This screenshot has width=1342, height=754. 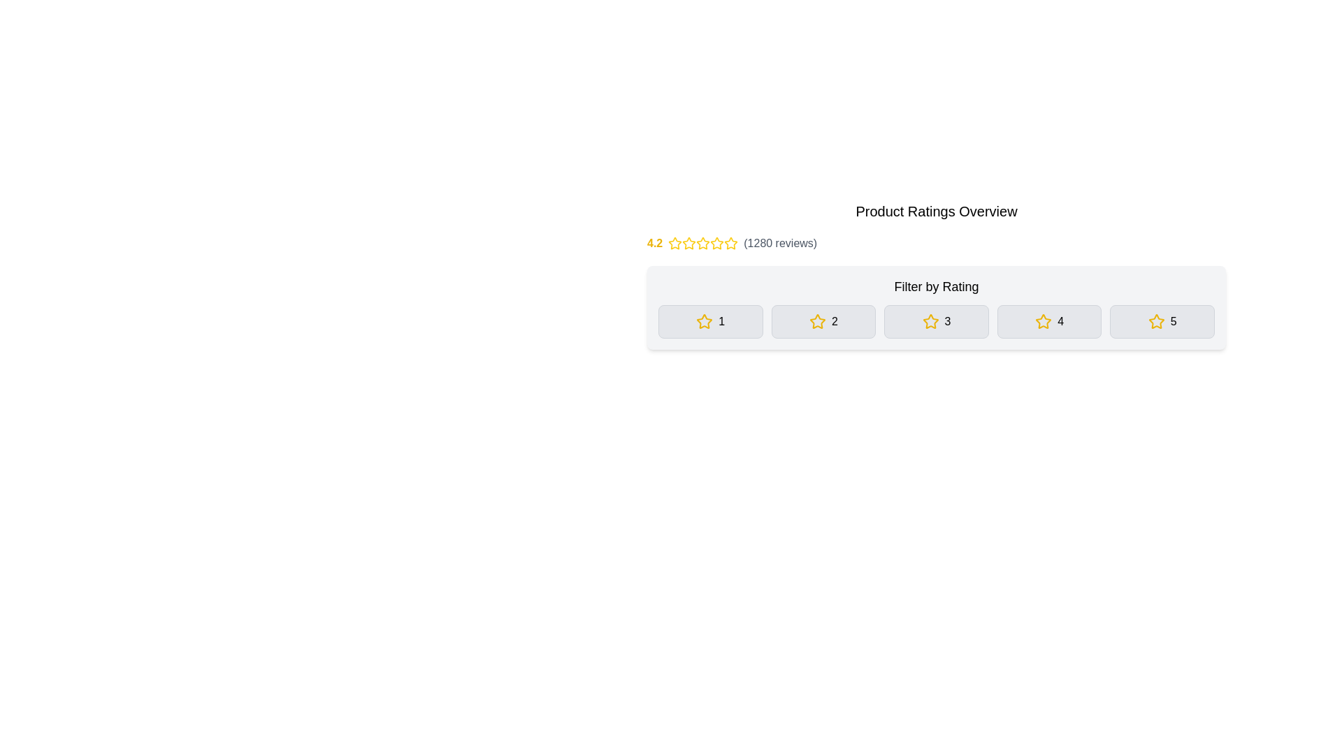 I want to click on the 'Filter by Rating' label, which is a bold text element located directly beneath the 'Product Ratings Overview' title and above the filter buttons, so click(x=936, y=275).